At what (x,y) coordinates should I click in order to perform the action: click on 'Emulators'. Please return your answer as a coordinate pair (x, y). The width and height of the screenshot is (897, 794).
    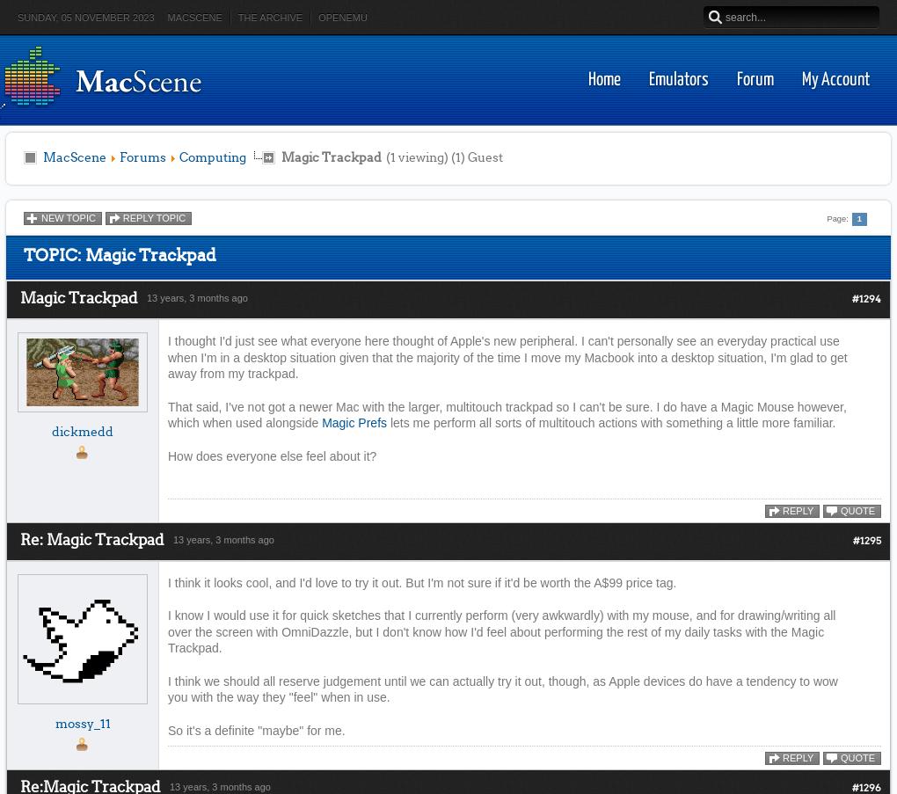
    Looking at the image, I should click on (678, 80).